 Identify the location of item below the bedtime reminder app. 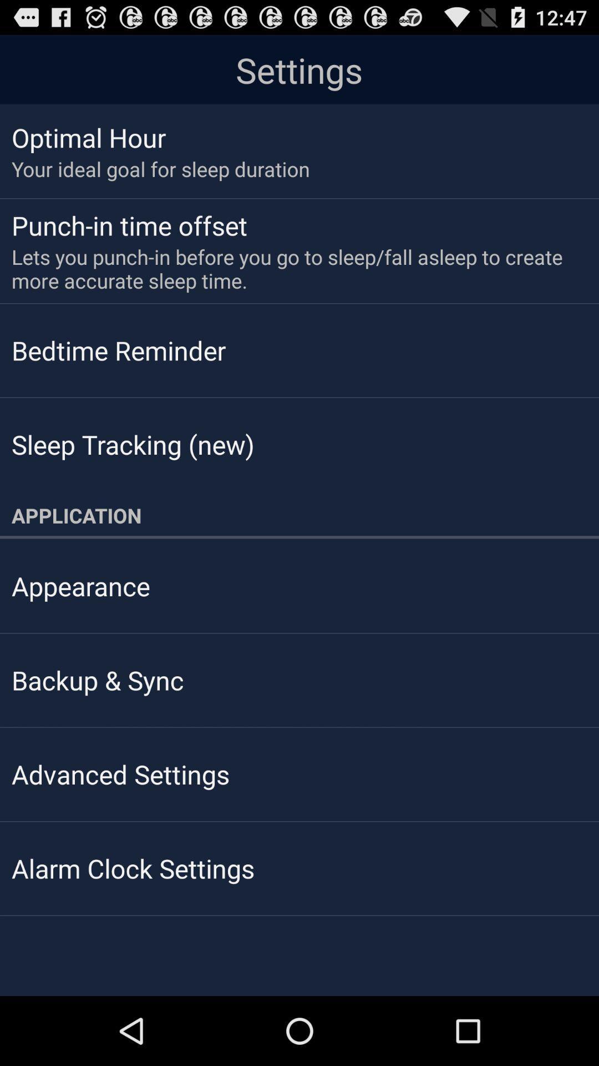
(132, 444).